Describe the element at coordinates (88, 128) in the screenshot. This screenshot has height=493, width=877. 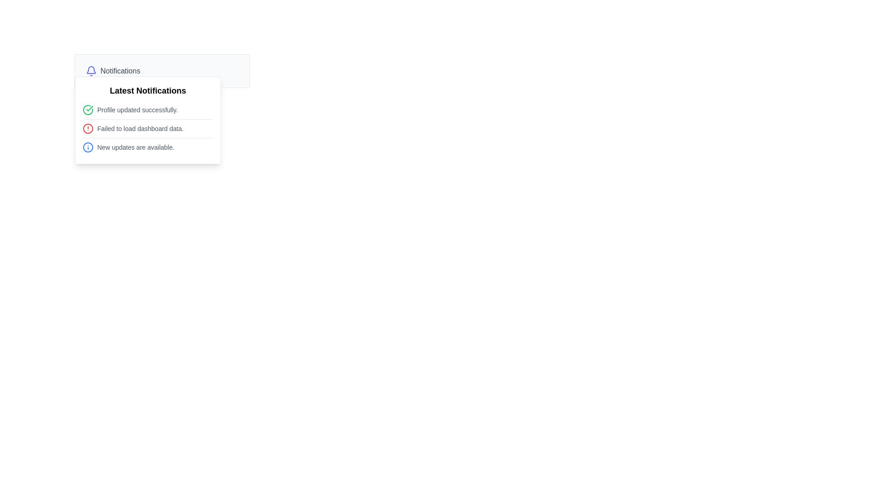
I see `the alert indicator icon located to the left of the text in the notification entry 'Failed to load dashboard data.' in the dropdown panel of latest notifications` at that location.